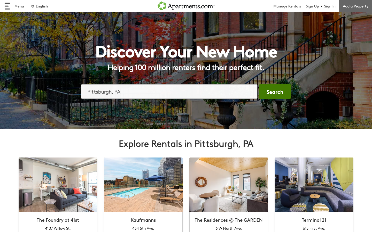 Image resolution: width=372 pixels, height=232 pixels. Describe the element at coordinates (355, 6) in the screenshot. I see `add property` at that location.